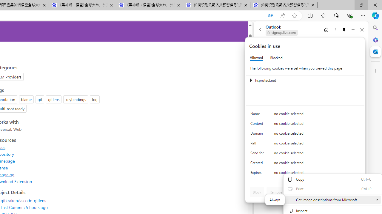  Describe the element at coordinates (275, 200) in the screenshot. I see `'Always'` at that location.